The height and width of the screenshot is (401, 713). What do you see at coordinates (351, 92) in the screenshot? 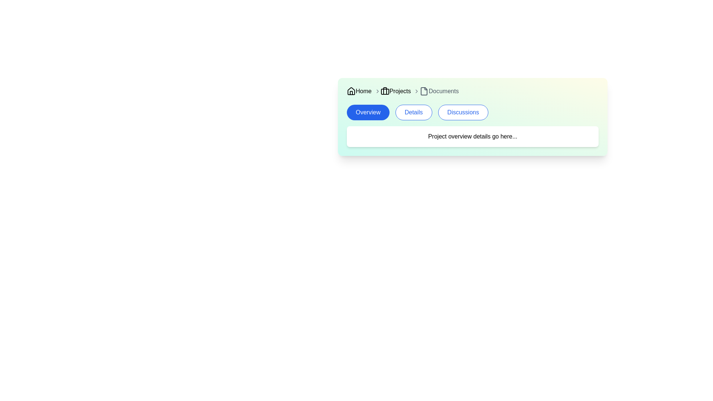
I see `the lower part of the SVG house icon element, which serves as a door and is located in the breadcrumb navigation next to the 'Home' label` at bounding box center [351, 92].